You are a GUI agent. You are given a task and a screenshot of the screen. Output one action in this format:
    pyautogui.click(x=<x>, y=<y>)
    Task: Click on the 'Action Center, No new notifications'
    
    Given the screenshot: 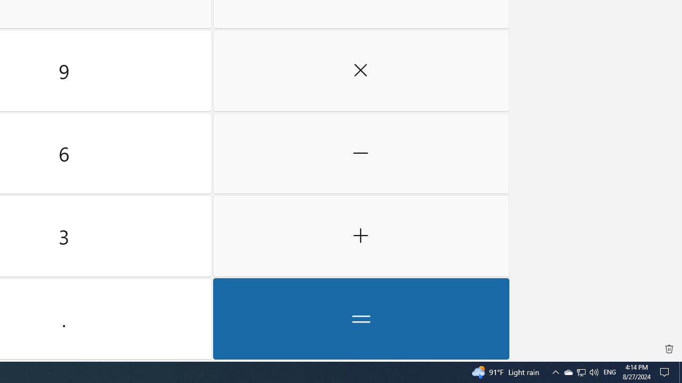 What is the action you would take?
    pyautogui.click(x=666, y=371)
    